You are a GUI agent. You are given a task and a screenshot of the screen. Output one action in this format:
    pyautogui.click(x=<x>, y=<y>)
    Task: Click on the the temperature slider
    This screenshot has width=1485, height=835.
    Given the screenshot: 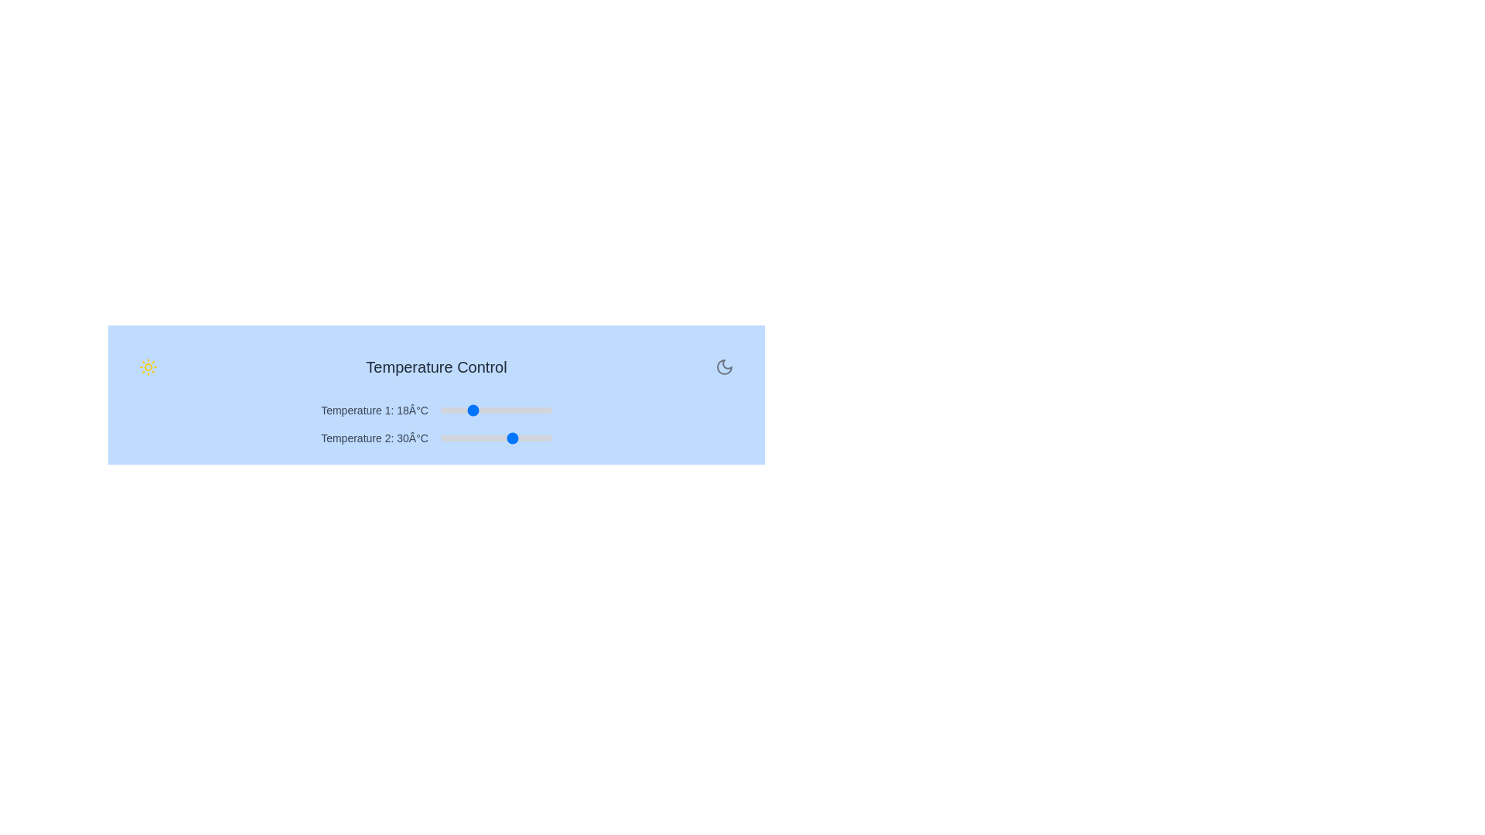 What is the action you would take?
    pyautogui.click(x=466, y=438)
    